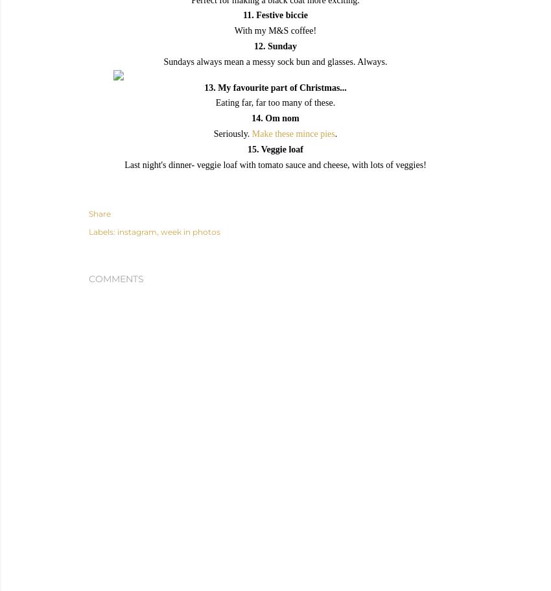 Image resolution: width=551 pixels, height=591 pixels. I want to click on '13. My favourite part of Christmas...', so click(275, 86).